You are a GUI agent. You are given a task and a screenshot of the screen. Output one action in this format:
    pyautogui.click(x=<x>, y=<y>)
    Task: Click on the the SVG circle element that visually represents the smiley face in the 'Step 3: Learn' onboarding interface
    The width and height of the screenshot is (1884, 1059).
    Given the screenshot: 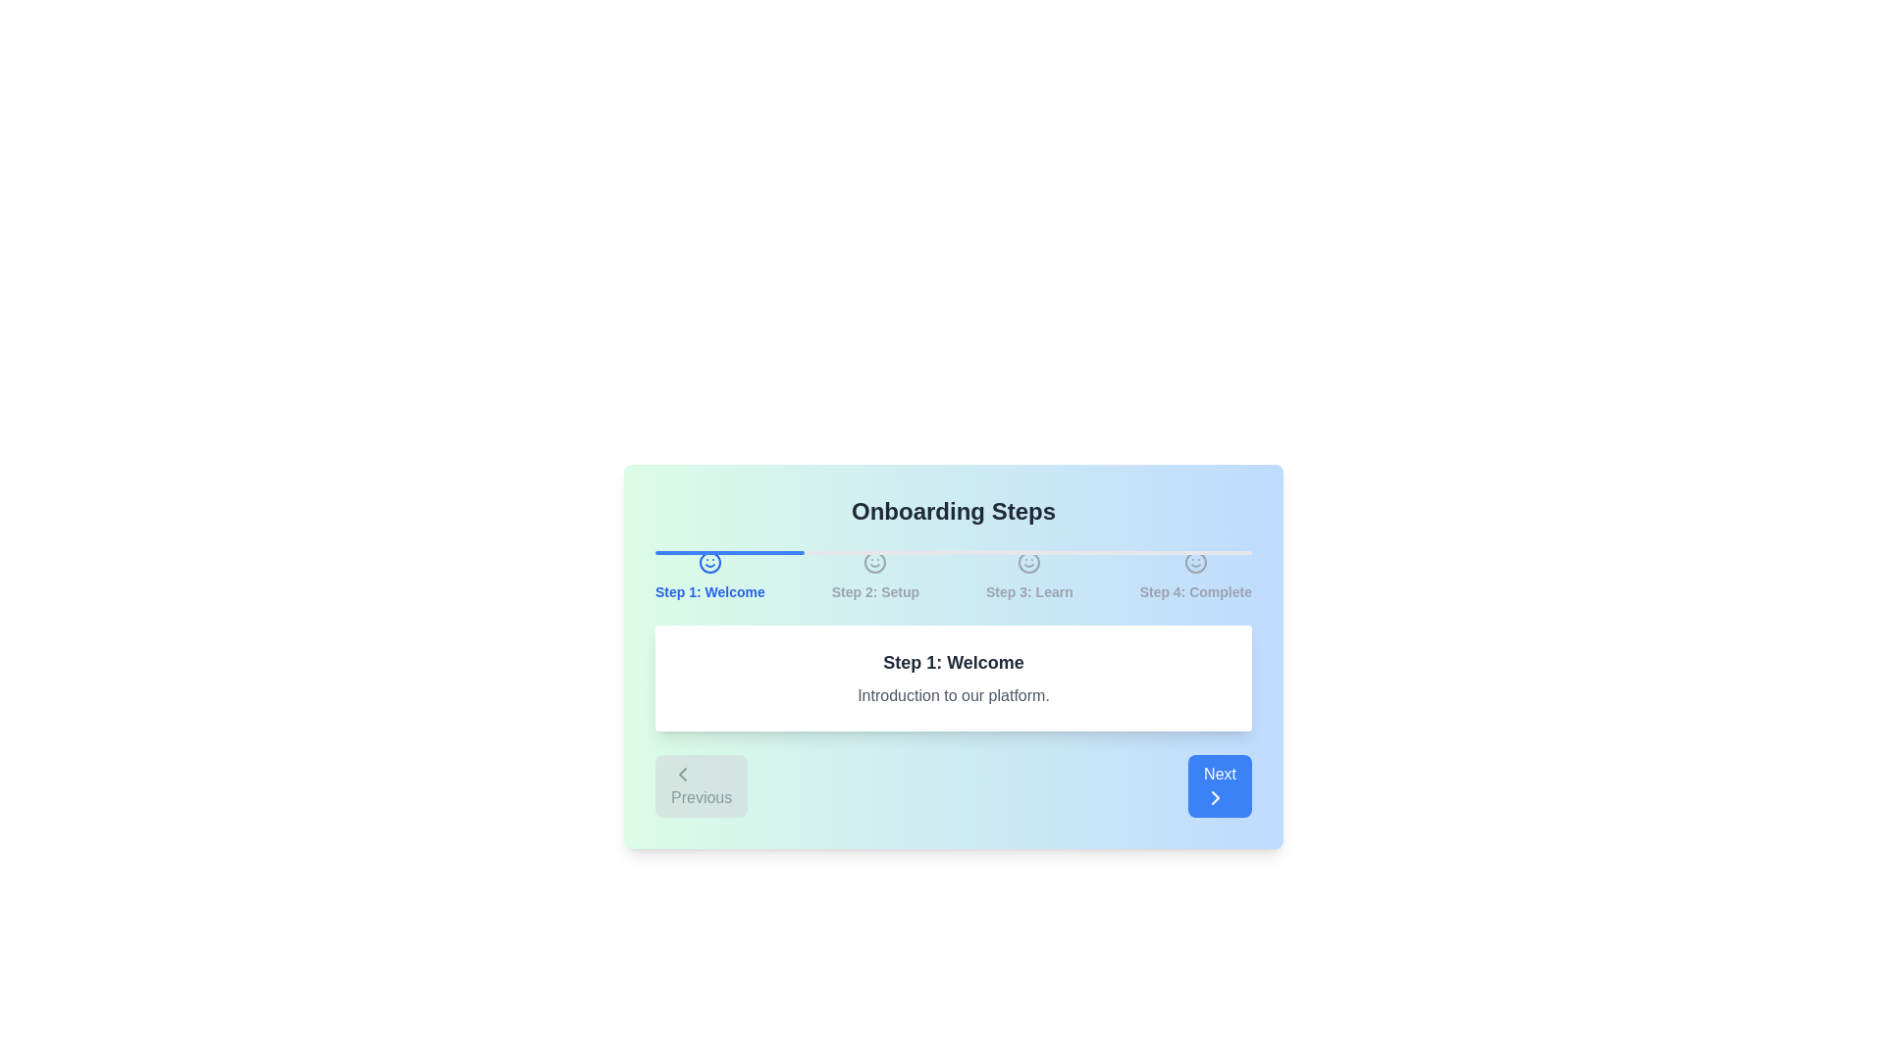 What is the action you would take?
    pyautogui.click(x=1028, y=563)
    